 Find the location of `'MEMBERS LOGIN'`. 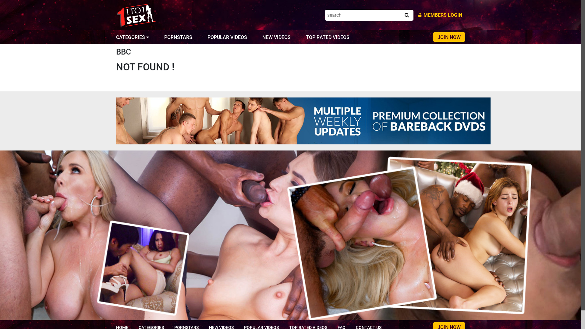

'MEMBERS LOGIN' is located at coordinates (440, 15).